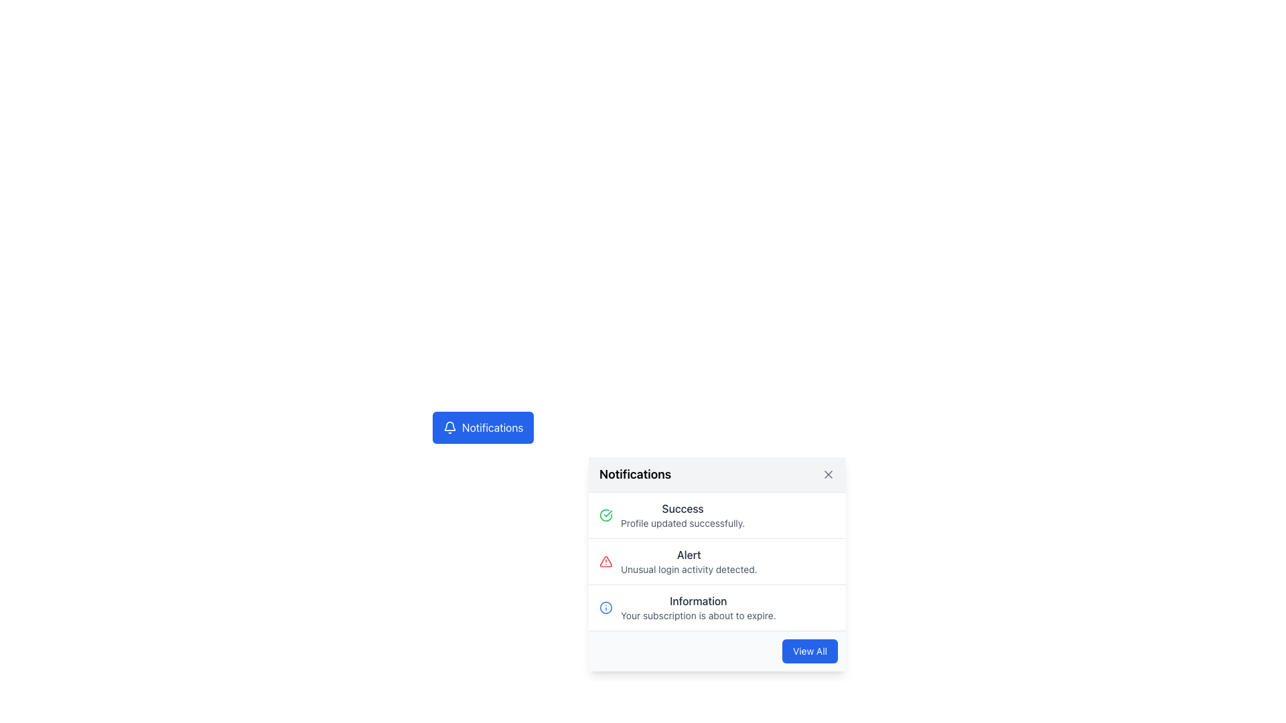  What do you see at coordinates (689, 570) in the screenshot?
I see `text from the Text Label displaying 'Unusual login activity detected.' located in the notification panel below the heading 'Alert'` at bounding box center [689, 570].